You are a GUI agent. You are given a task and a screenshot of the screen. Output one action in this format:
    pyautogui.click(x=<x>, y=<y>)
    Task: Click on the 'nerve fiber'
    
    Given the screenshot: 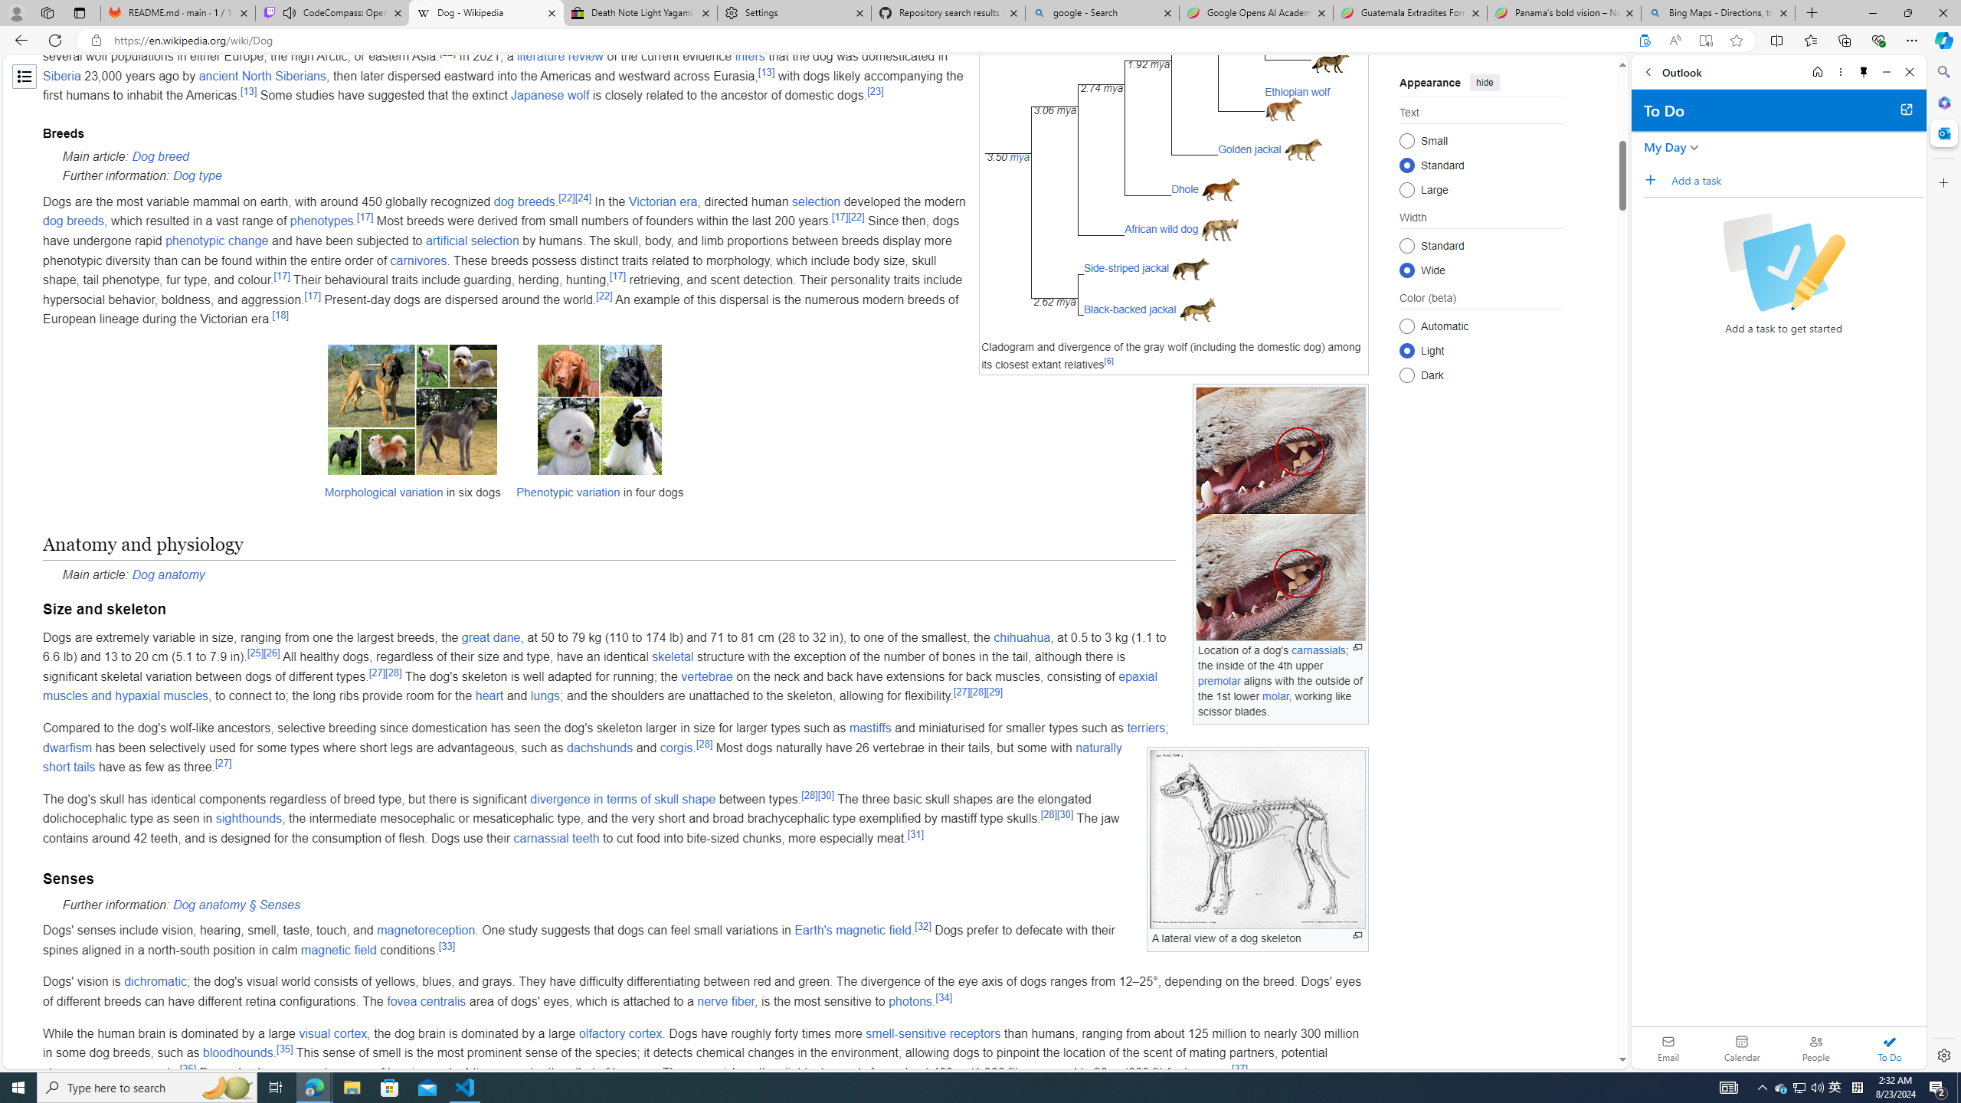 What is the action you would take?
    pyautogui.click(x=725, y=1000)
    